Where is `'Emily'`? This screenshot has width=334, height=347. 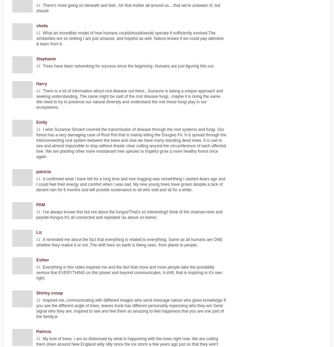 'Emily' is located at coordinates (42, 122).